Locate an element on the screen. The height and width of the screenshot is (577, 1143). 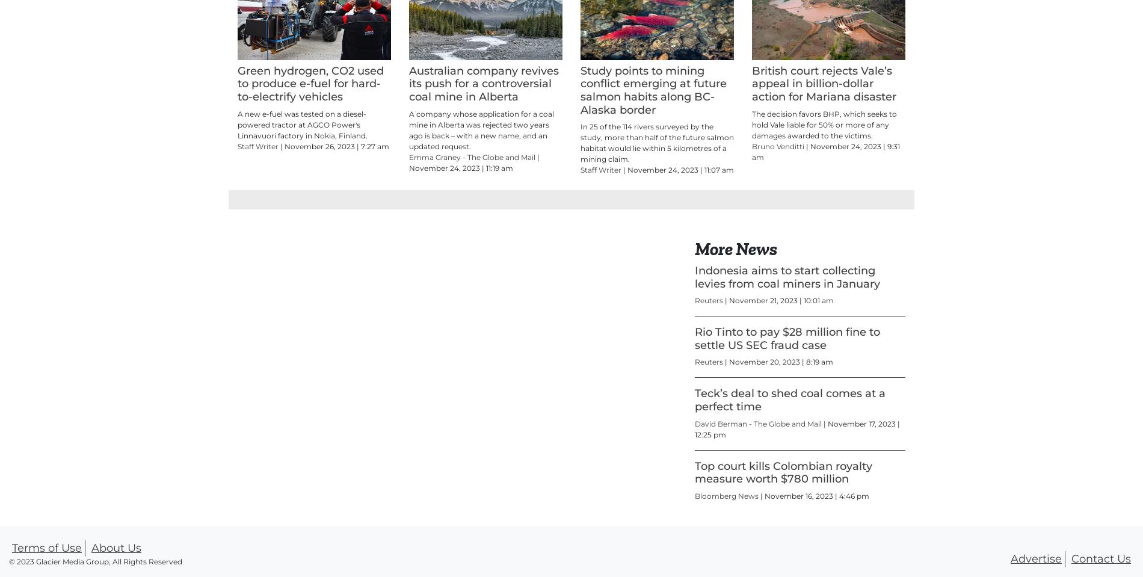
'Top court kills Colombian royalty measure worth $780 million' is located at coordinates (695, 525).